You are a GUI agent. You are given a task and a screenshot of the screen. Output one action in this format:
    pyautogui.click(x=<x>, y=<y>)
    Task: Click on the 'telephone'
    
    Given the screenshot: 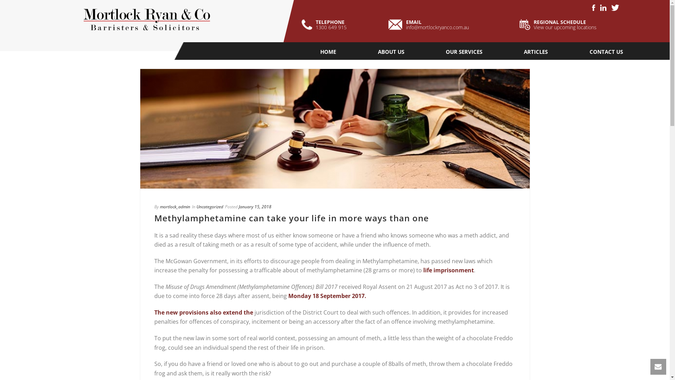 What is the action you would take?
    pyautogui.click(x=307, y=24)
    